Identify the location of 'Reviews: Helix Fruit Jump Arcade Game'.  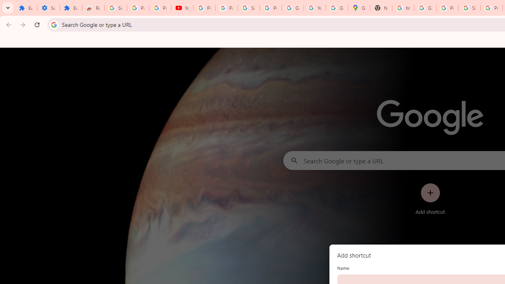
(93, 8).